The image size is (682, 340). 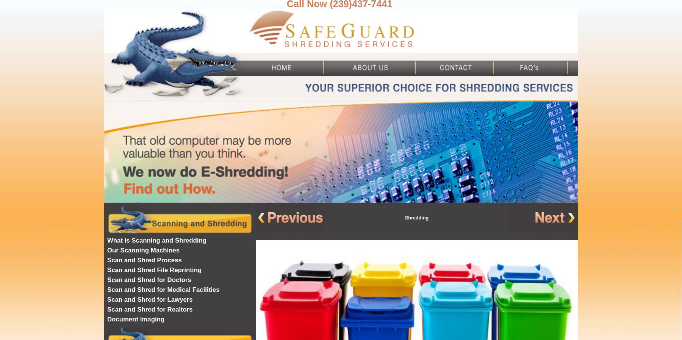 I want to click on 'Scan and Shred for Realtors', so click(x=150, y=309).